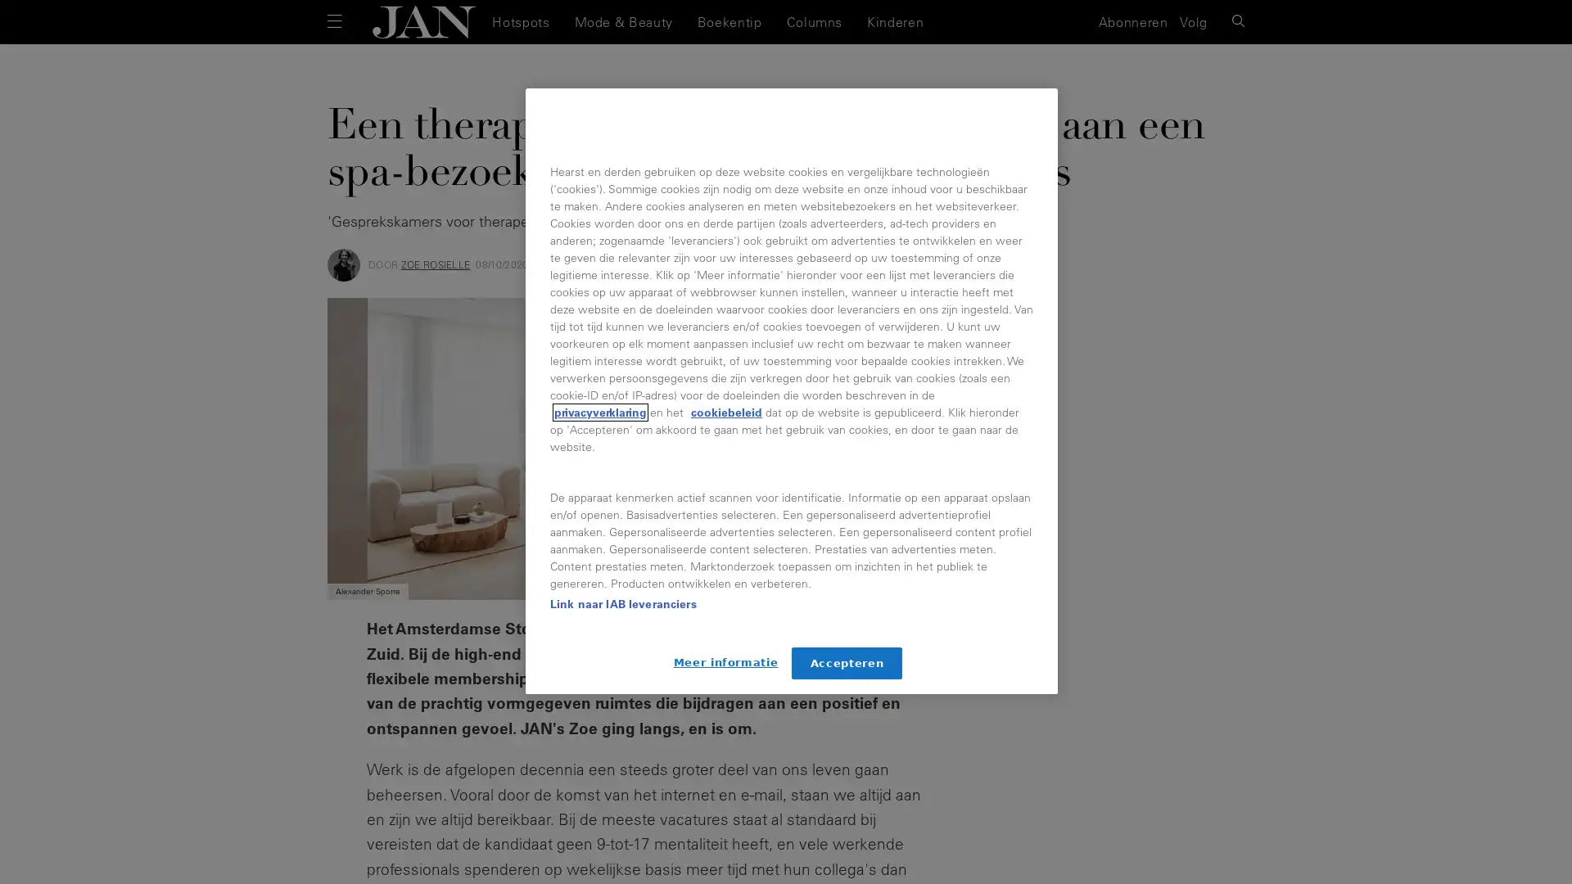 Image resolution: width=1572 pixels, height=884 pixels. I want to click on Meer informatie, so click(725, 661).